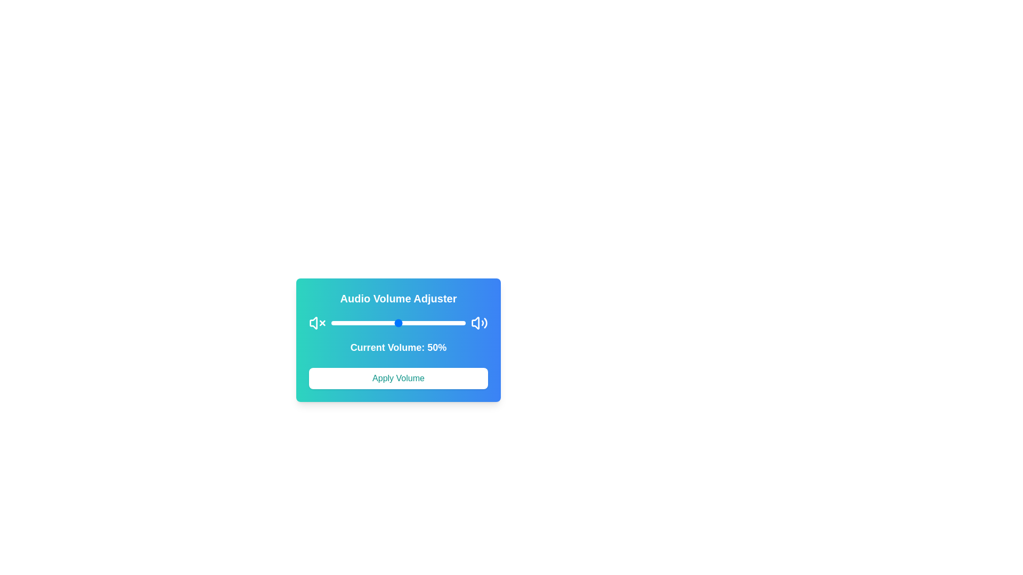 The width and height of the screenshot is (1023, 575). What do you see at coordinates (384, 322) in the screenshot?
I see `the volume to 40% by dragging the slider` at bounding box center [384, 322].